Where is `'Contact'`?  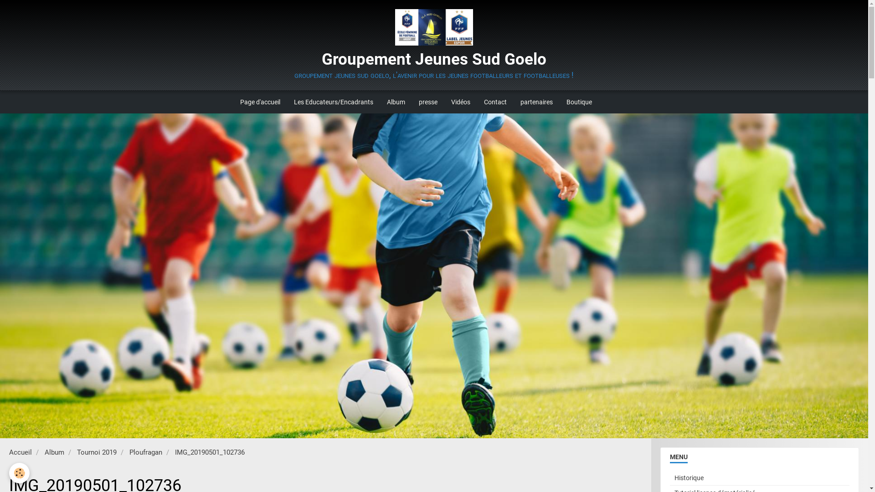 'Contact' is located at coordinates (494, 102).